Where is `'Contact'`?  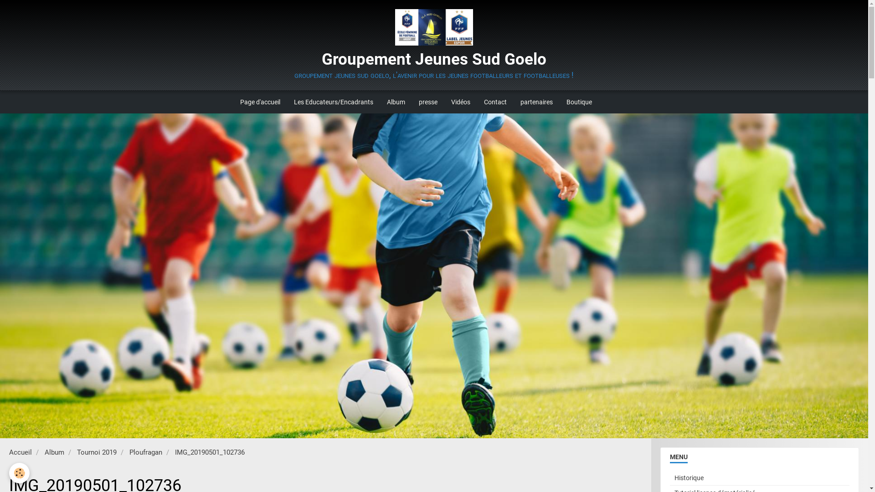 'Contact' is located at coordinates (494, 102).